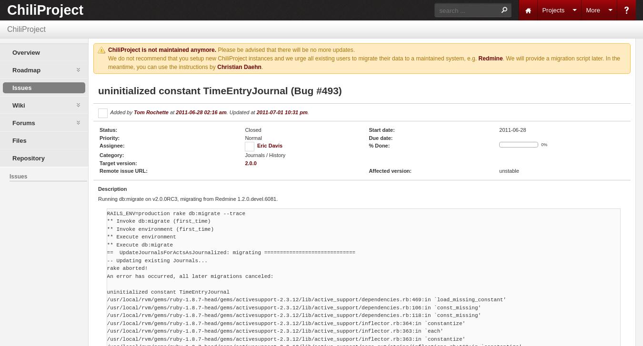 The width and height of the screenshot is (643, 346). Describe the element at coordinates (111, 145) in the screenshot. I see `'Assignee:'` at that location.